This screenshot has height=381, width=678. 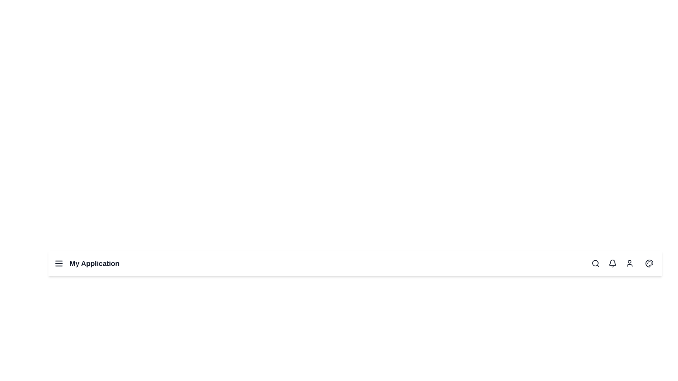 I want to click on the user icon to view or edit the user profile, so click(x=629, y=264).